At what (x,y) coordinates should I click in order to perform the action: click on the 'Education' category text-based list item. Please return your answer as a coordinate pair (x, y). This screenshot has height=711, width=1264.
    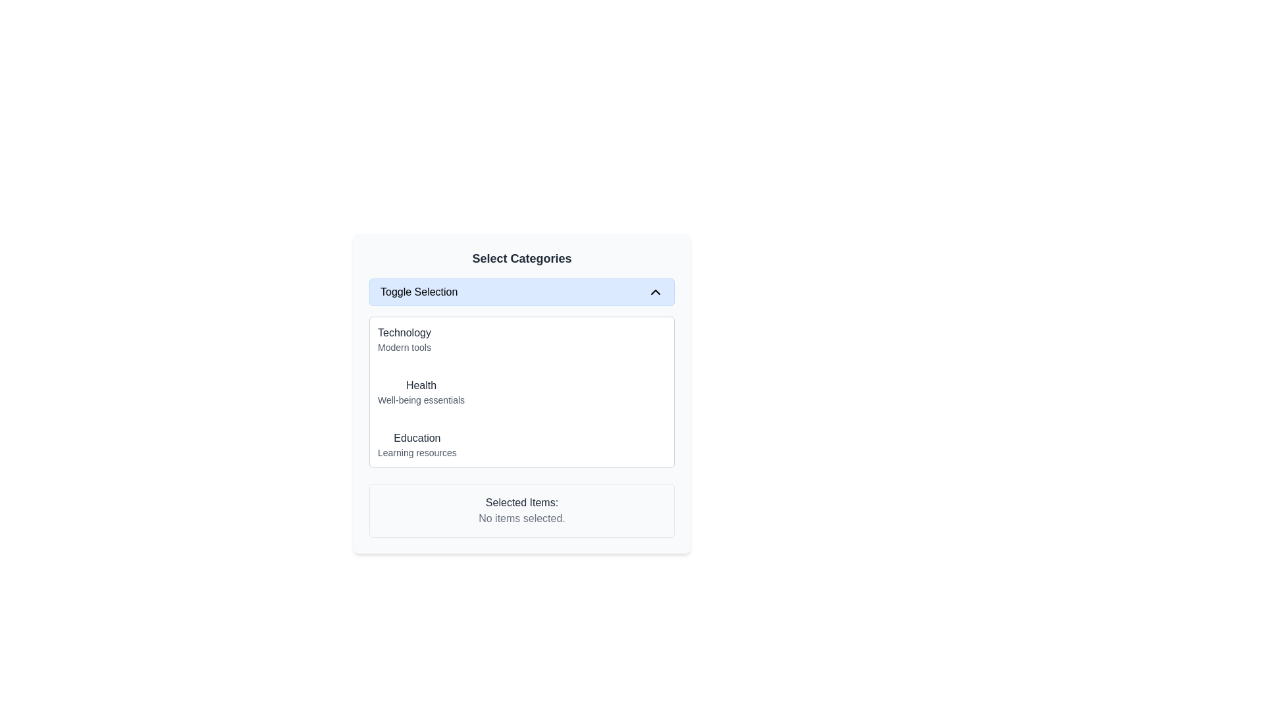
    Looking at the image, I should click on (416, 444).